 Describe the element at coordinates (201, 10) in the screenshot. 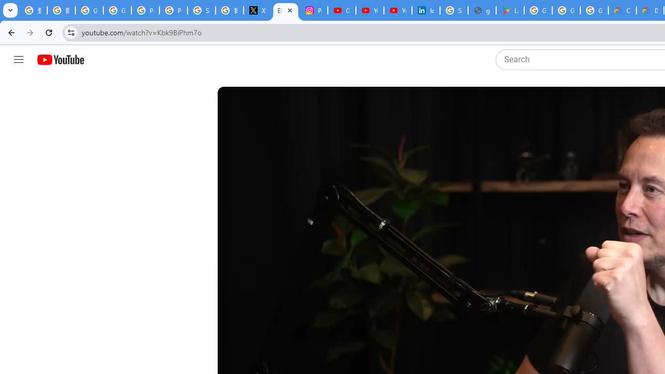

I see `'Sign in - Google Accounts'` at that location.